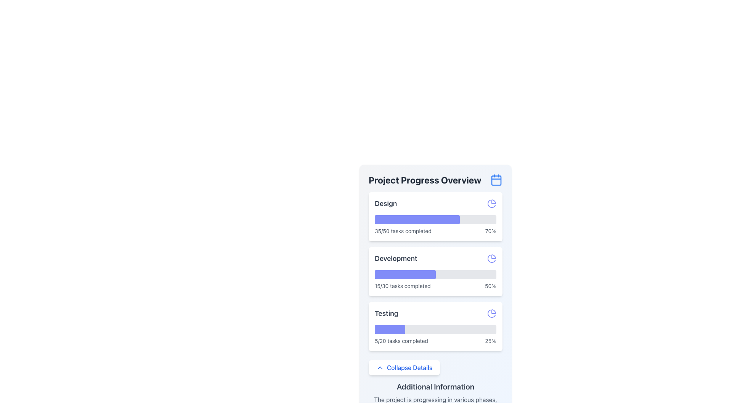 The width and height of the screenshot is (732, 412). Describe the element at coordinates (492, 203) in the screenshot. I see `the pie chart icon located in the 'Design' category section of the project progress overview, which is positioned to the right side of the row adjacent to the text 'Design'` at that location.